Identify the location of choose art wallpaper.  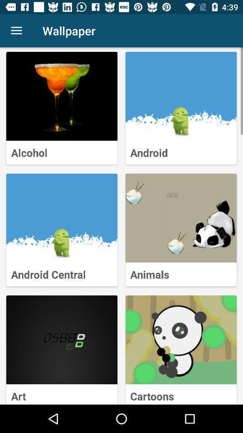
(61, 339).